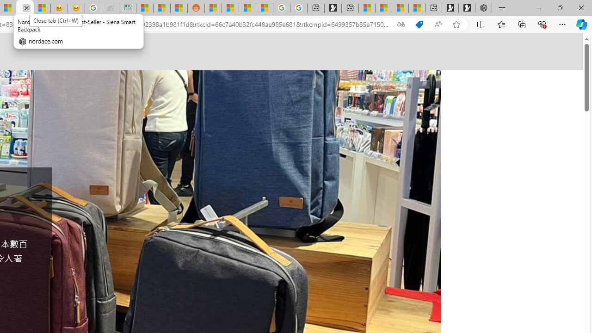 Image resolution: width=592 pixels, height=333 pixels. Describe the element at coordinates (111, 8) in the screenshot. I see `'Navy Quest'` at that location.